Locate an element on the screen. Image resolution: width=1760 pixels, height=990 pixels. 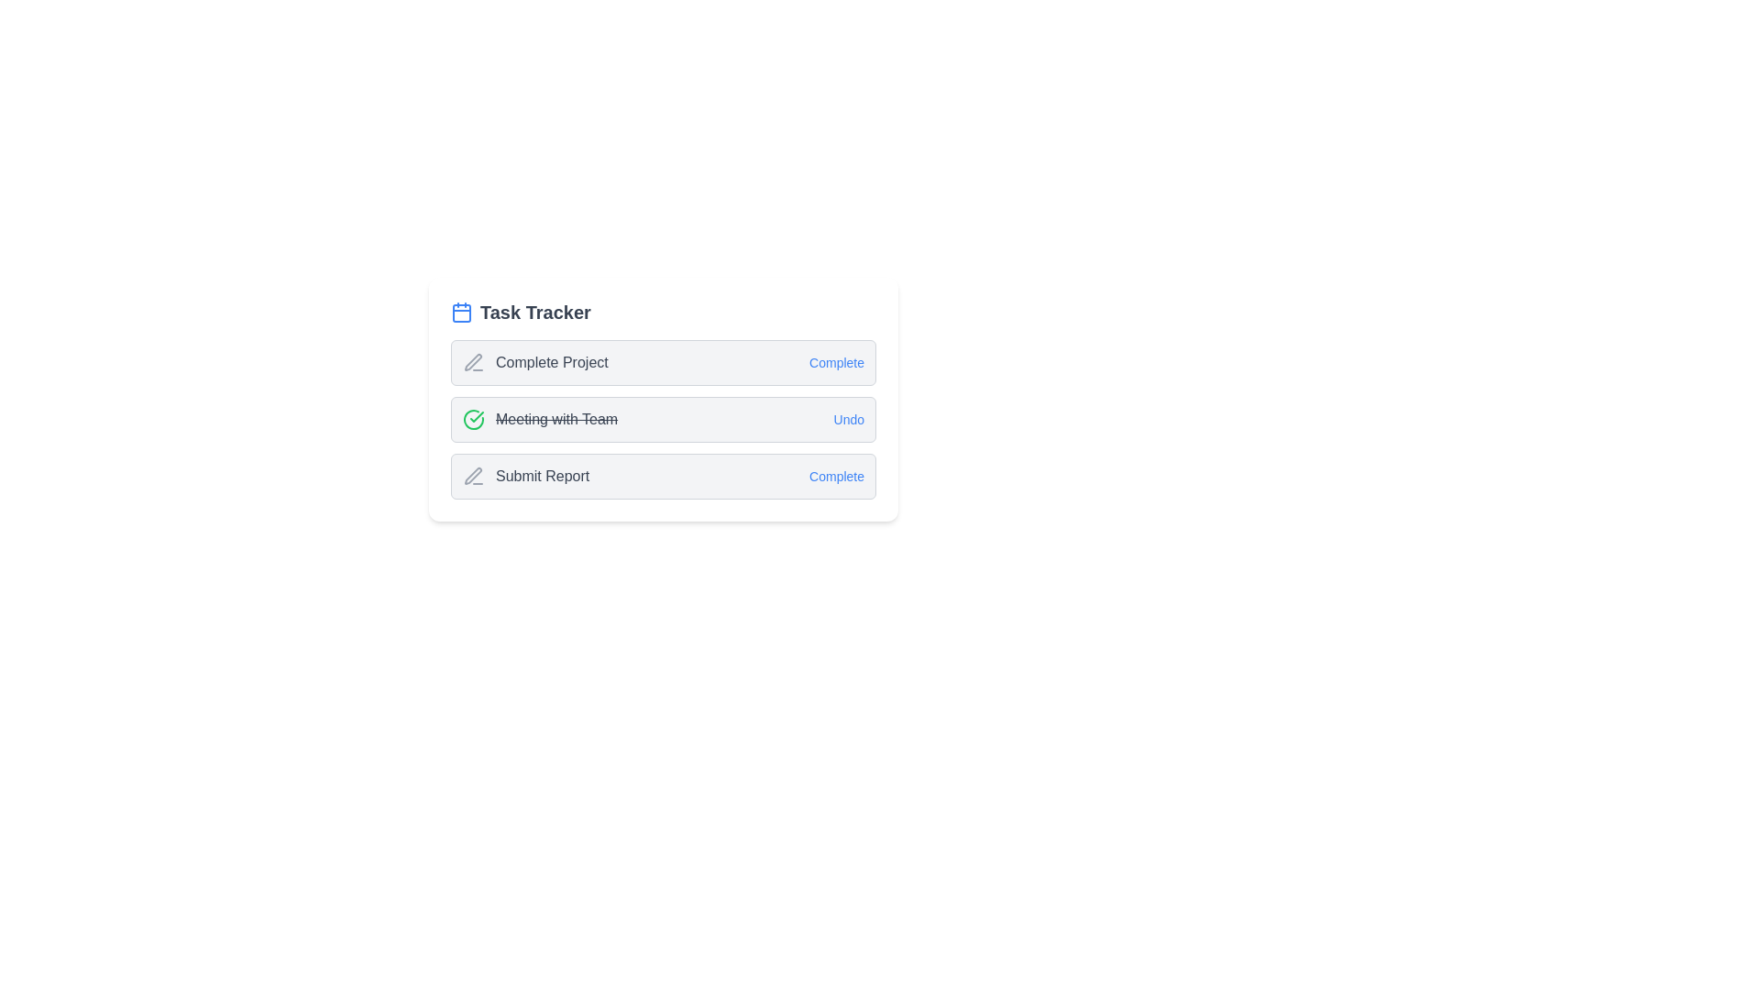
the 'Complete' hyperlink text element, which is styled in small blue font and underlined on hover, located in the top-right of the 'Complete Project' task row is located at coordinates (835, 363).